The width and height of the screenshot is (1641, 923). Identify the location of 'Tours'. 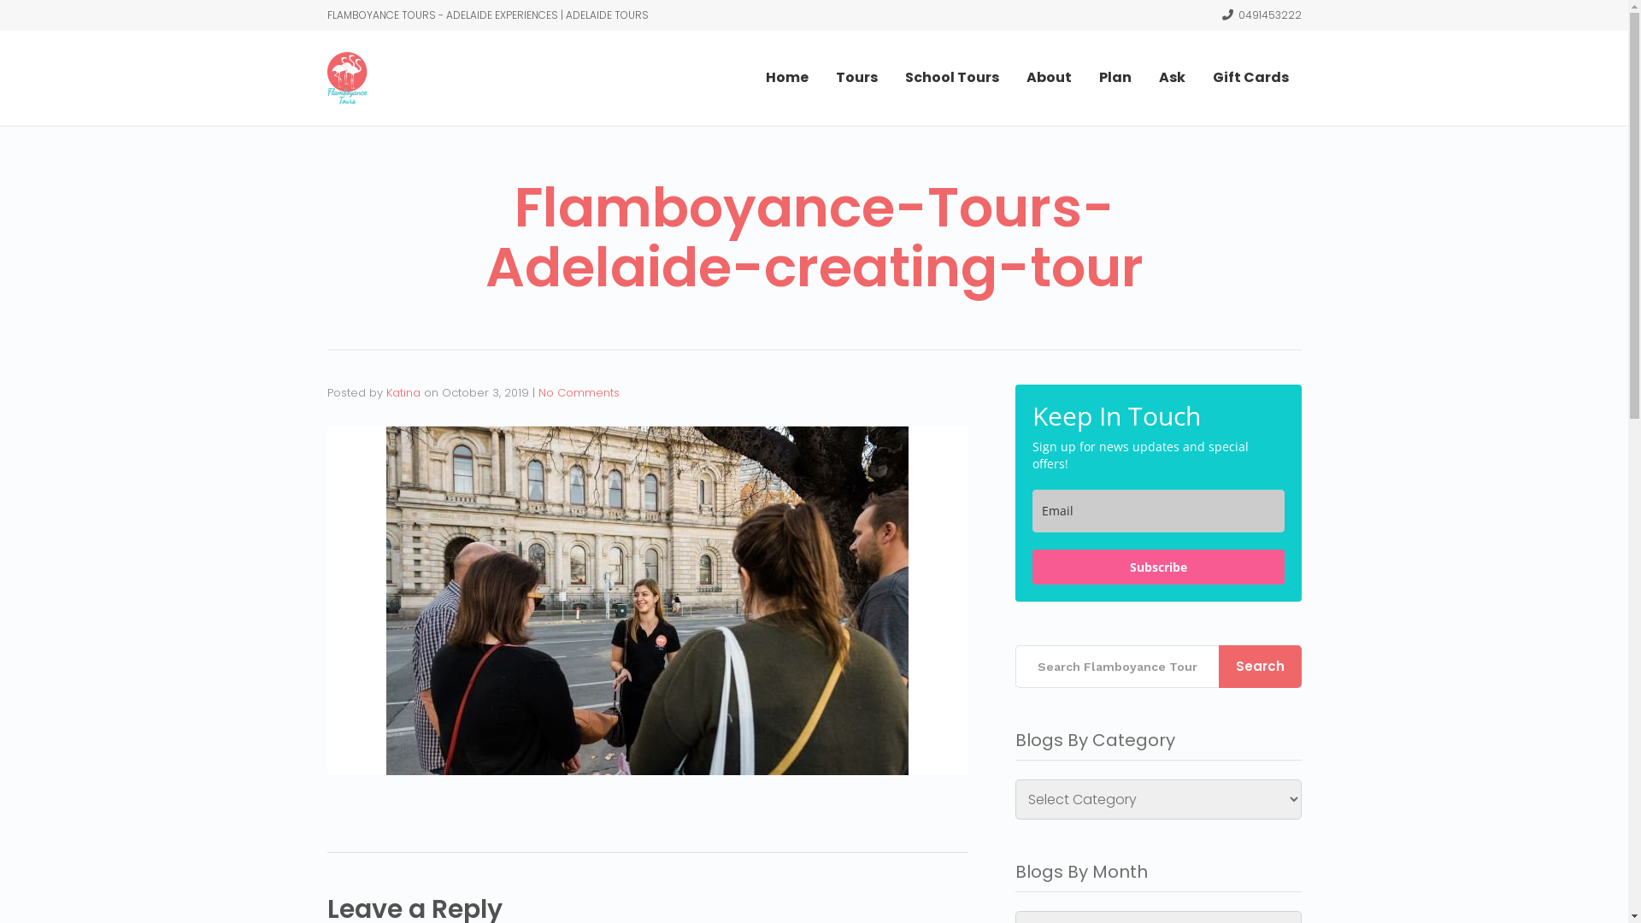
(856, 78).